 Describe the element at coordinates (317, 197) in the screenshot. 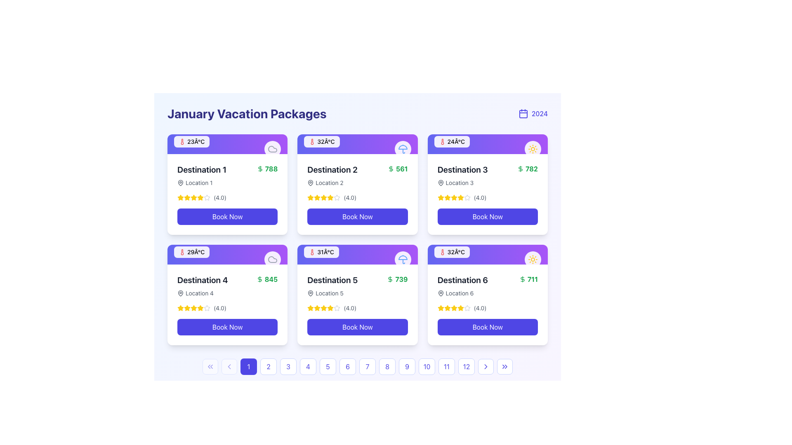

I see `the first star rating icon located under 'Destination 2' adjacent to the rating value '(4.0)' in the grid layout` at that location.